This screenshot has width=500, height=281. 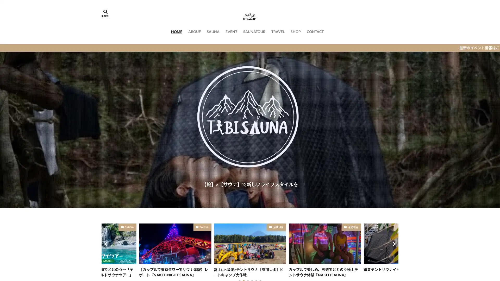 I want to click on Previous slide, so click(x=106, y=244).